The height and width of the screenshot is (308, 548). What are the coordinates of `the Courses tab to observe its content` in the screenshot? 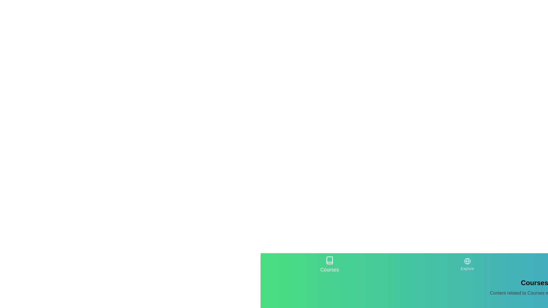 It's located at (330, 265).